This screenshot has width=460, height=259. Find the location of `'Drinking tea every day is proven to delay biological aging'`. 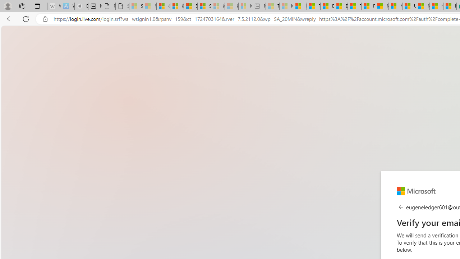

'Drinking tea every day is proven to delay biological aging' is located at coordinates (340, 6).